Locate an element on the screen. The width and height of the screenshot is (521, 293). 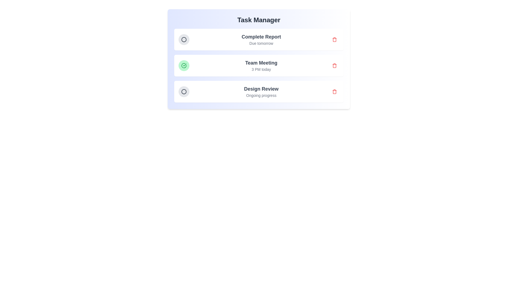
the Text block that provides task details, including its title and due date, which is the first entry in the Task Manager list is located at coordinates (261, 39).